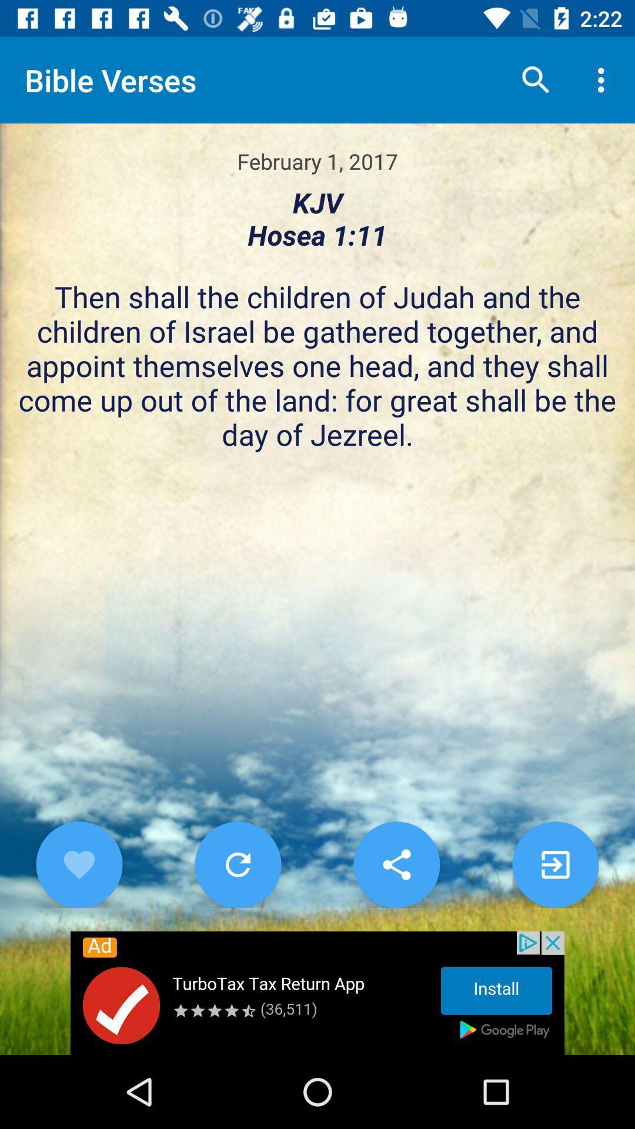 The height and width of the screenshot is (1129, 635). I want to click on go next page, so click(556, 864).